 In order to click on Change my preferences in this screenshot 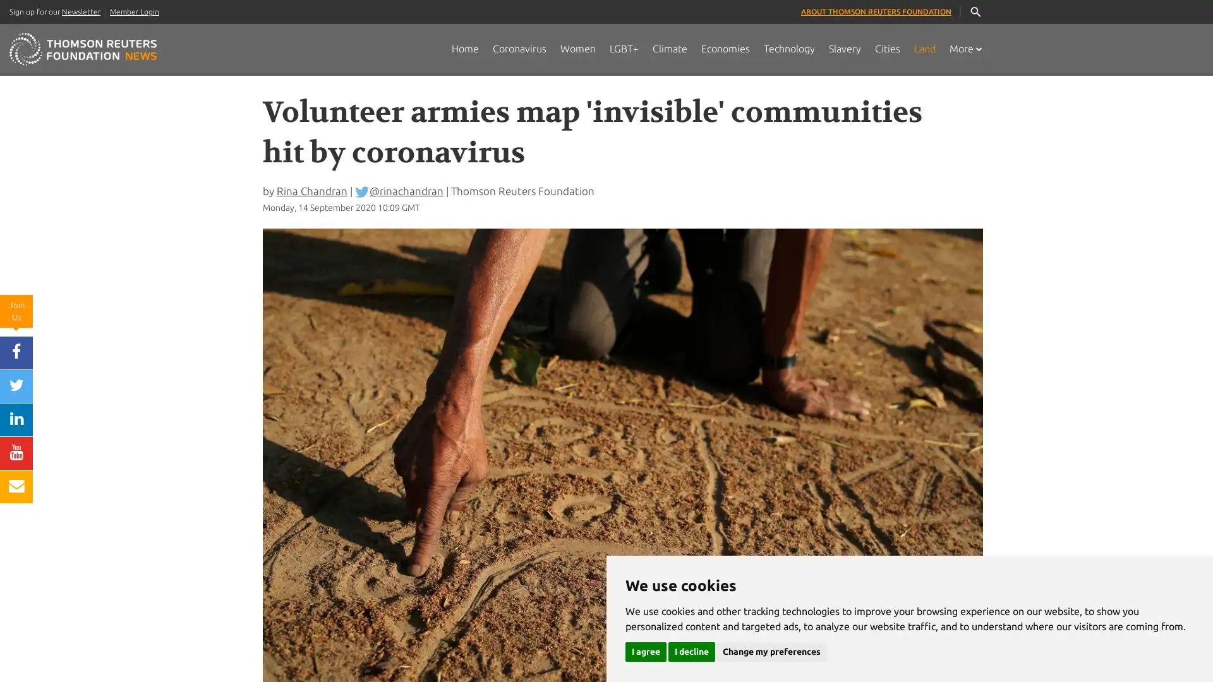, I will do `click(771, 651)`.